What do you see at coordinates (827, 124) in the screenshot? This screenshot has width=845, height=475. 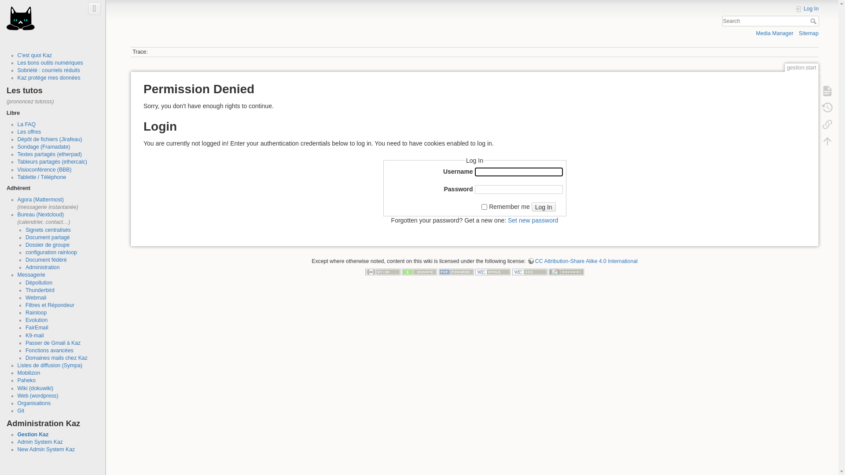 I see `'Backlinks'` at bounding box center [827, 124].